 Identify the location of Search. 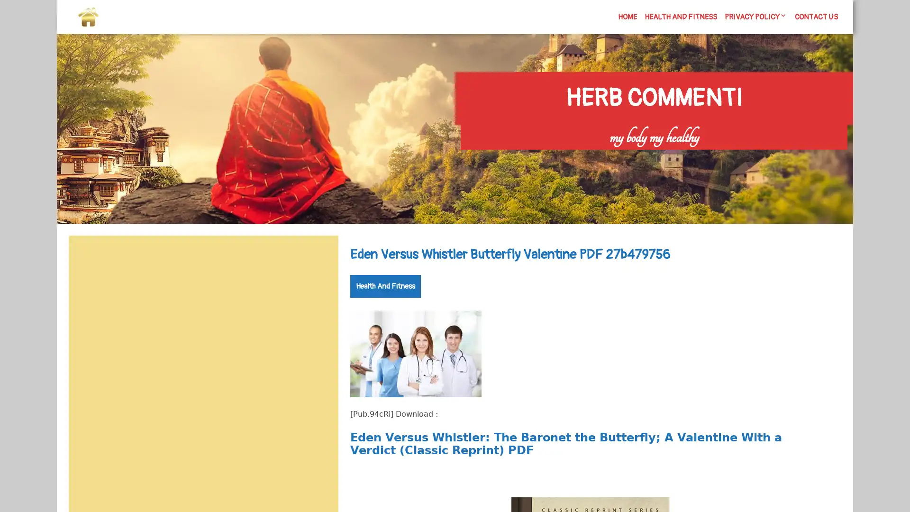
(738, 155).